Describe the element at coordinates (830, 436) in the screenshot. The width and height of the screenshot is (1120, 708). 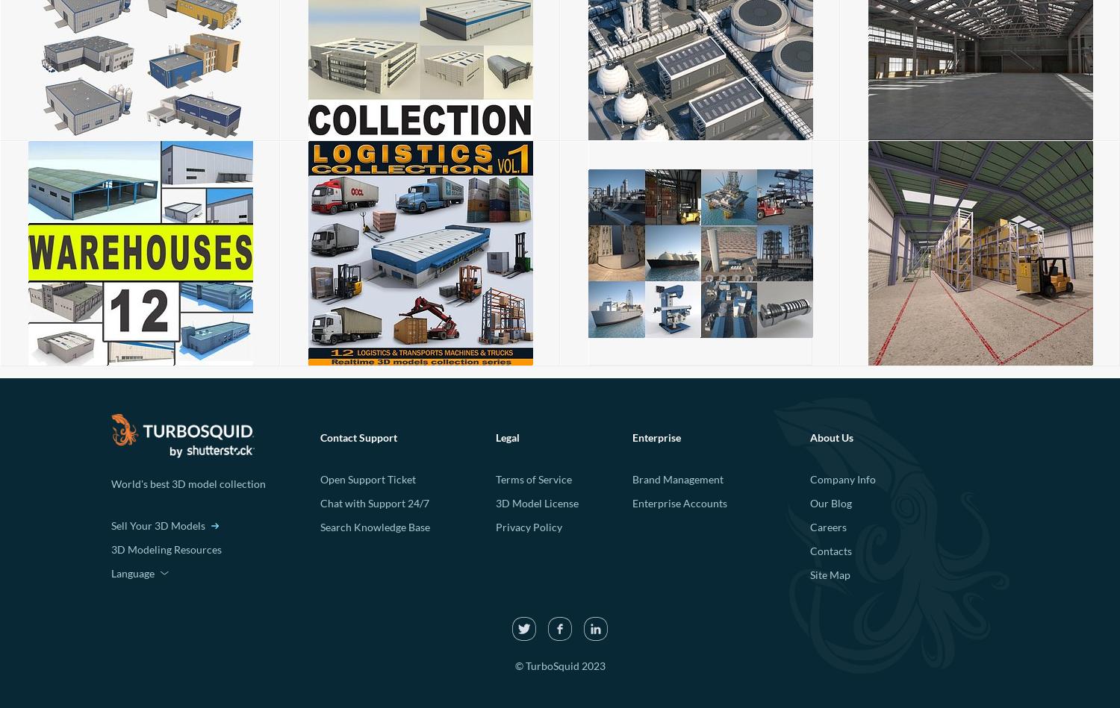
I see `'About Us'` at that location.